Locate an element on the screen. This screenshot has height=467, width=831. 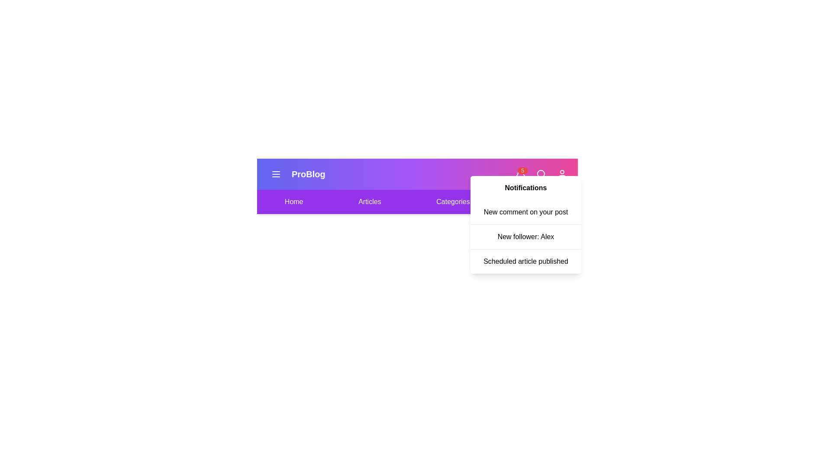
the 'Toggle Menu' button to toggle the navigation menu visibility is located at coordinates (276, 174).